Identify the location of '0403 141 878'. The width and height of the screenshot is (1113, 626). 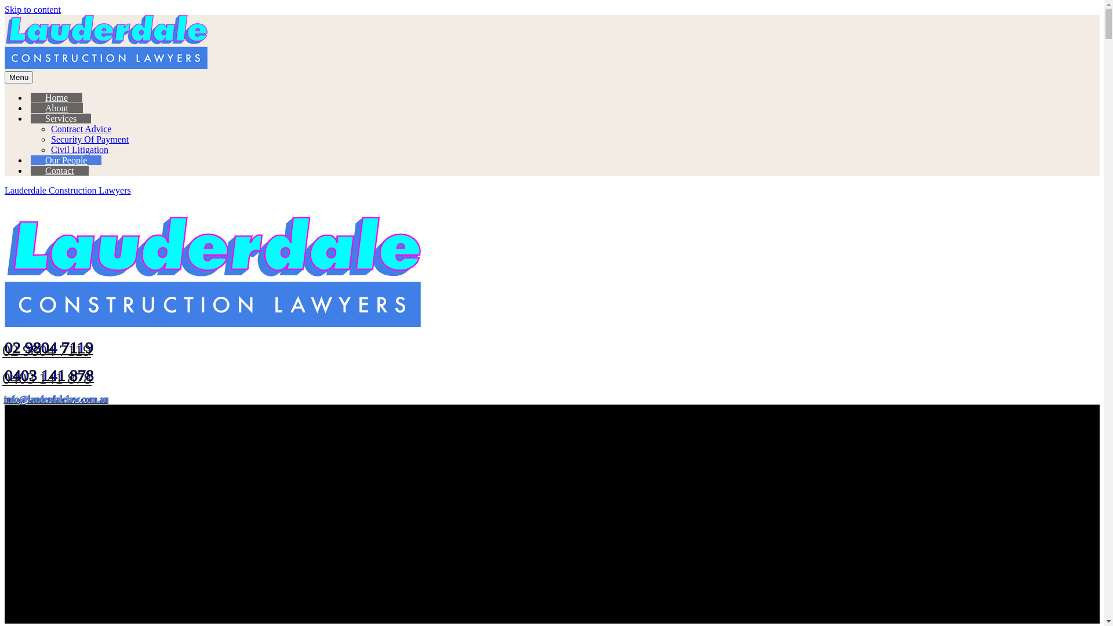
(49, 375).